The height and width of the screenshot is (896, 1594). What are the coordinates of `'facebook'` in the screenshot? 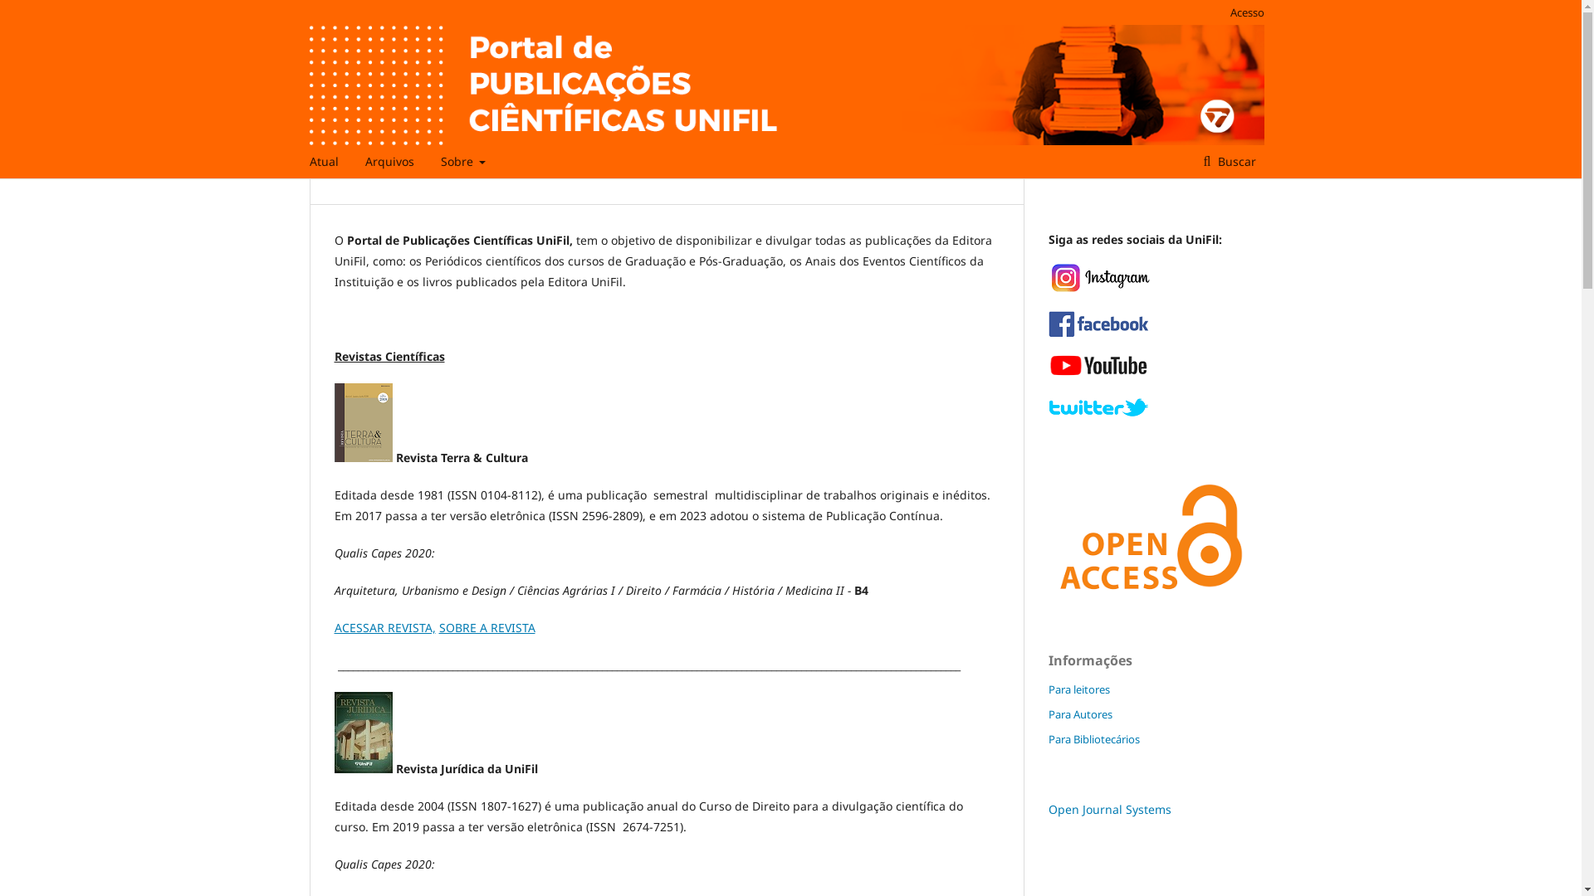 It's located at (1097, 333).